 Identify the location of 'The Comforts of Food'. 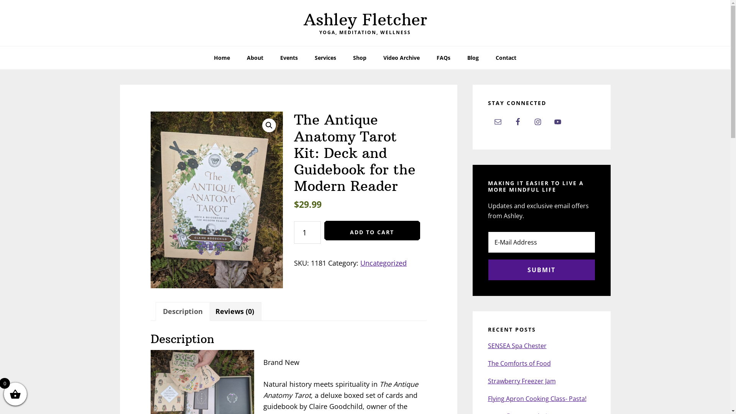
(519, 363).